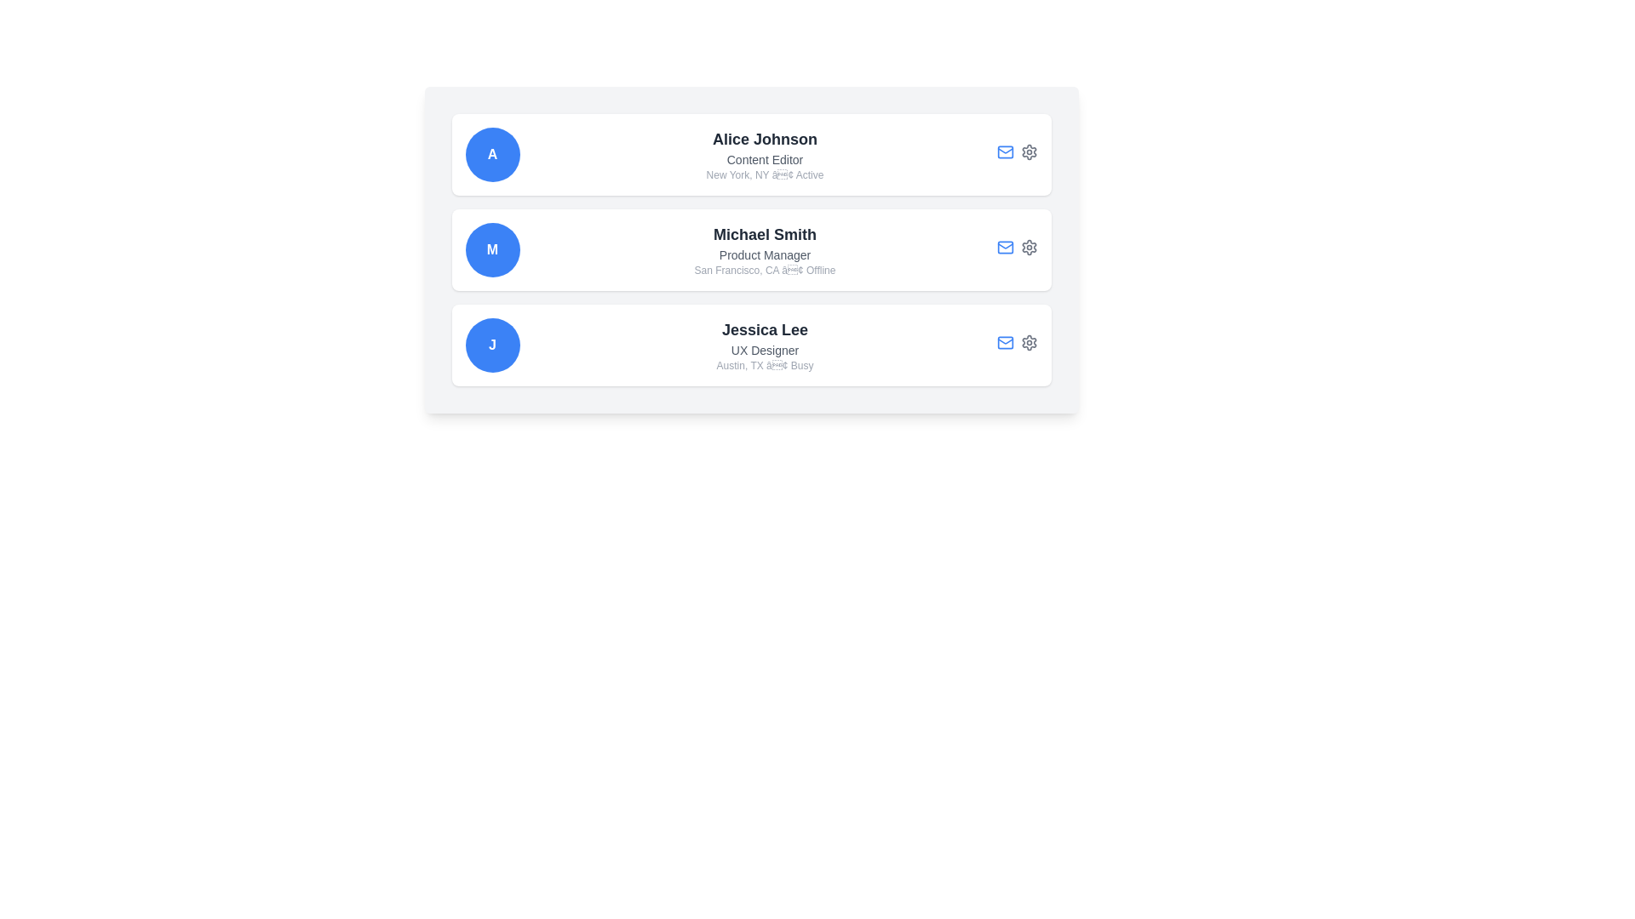 The width and height of the screenshot is (1635, 919). Describe the element at coordinates (1005, 151) in the screenshot. I see `the email icon button located in the first card of the vertical list` at that location.